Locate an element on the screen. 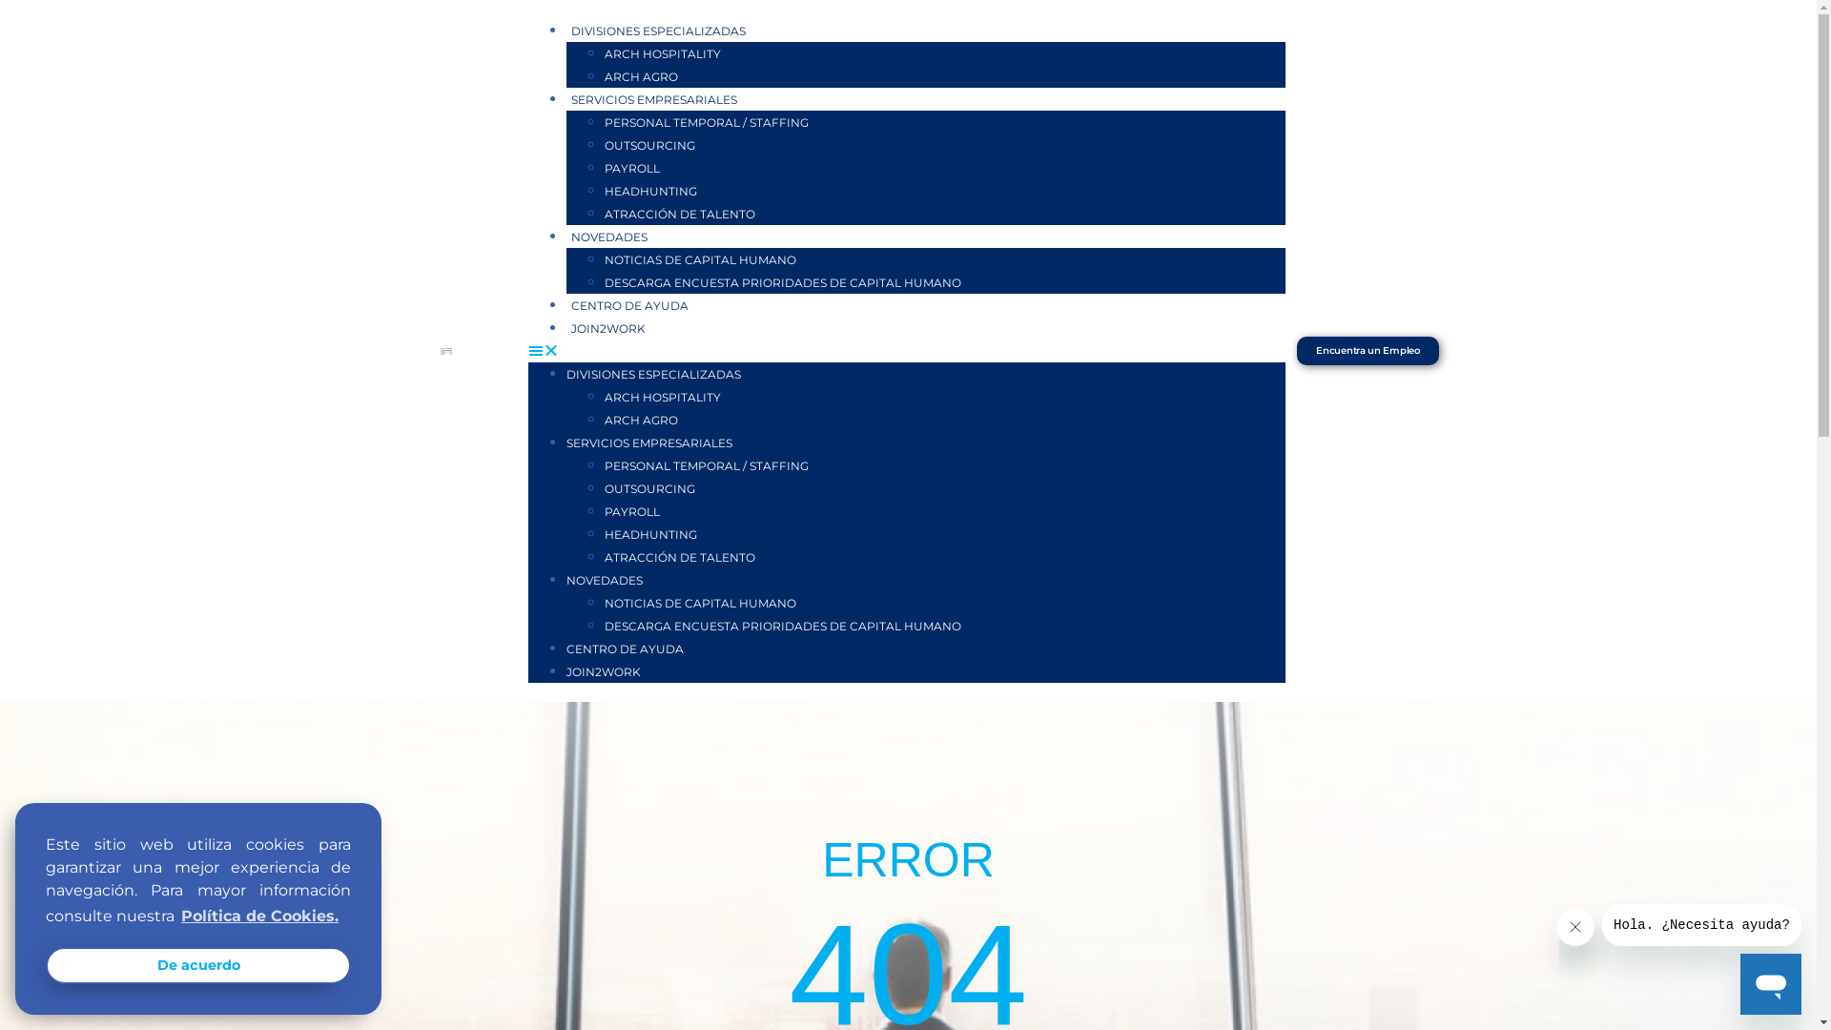  'DESCARGA ENCUESTA PRIORIDADES DE CAPITAL HUMANO' is located at coordinates (603, 282).